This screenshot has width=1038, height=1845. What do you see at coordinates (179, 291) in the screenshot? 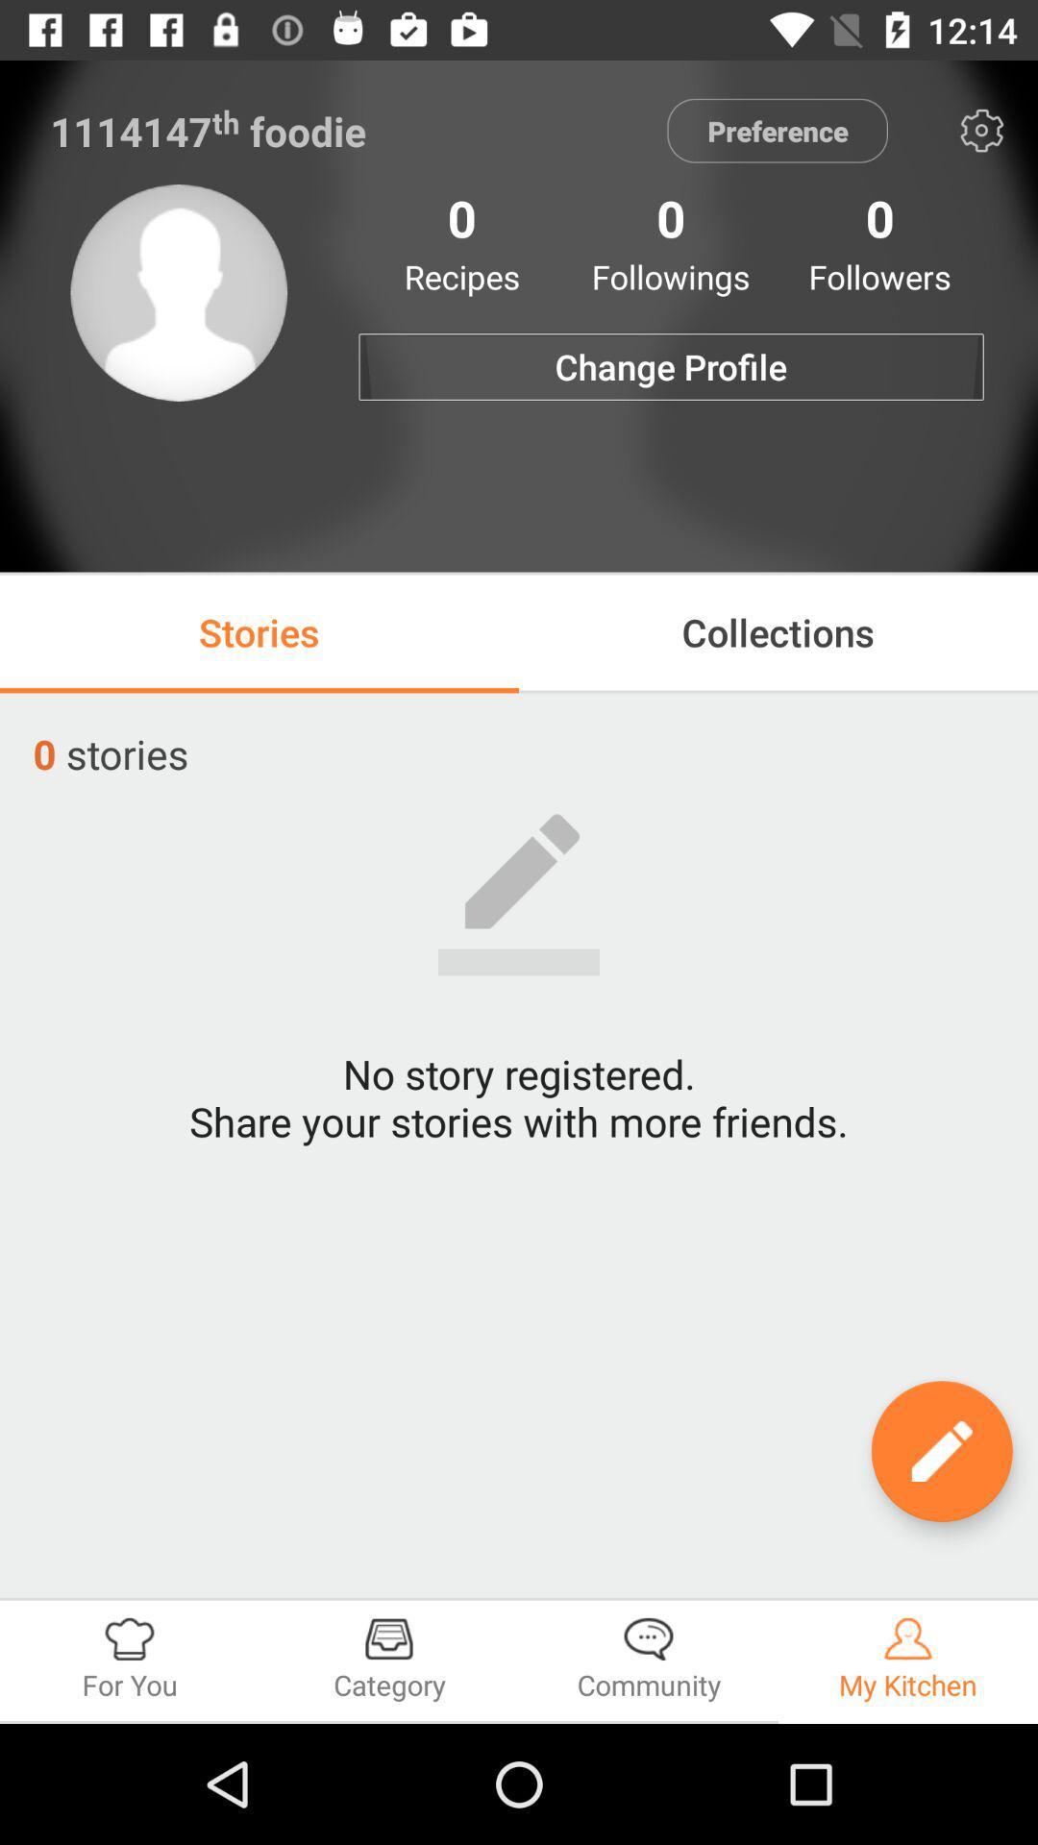
I see `icon next to the change profile icon` at bounding box center [179, 291].